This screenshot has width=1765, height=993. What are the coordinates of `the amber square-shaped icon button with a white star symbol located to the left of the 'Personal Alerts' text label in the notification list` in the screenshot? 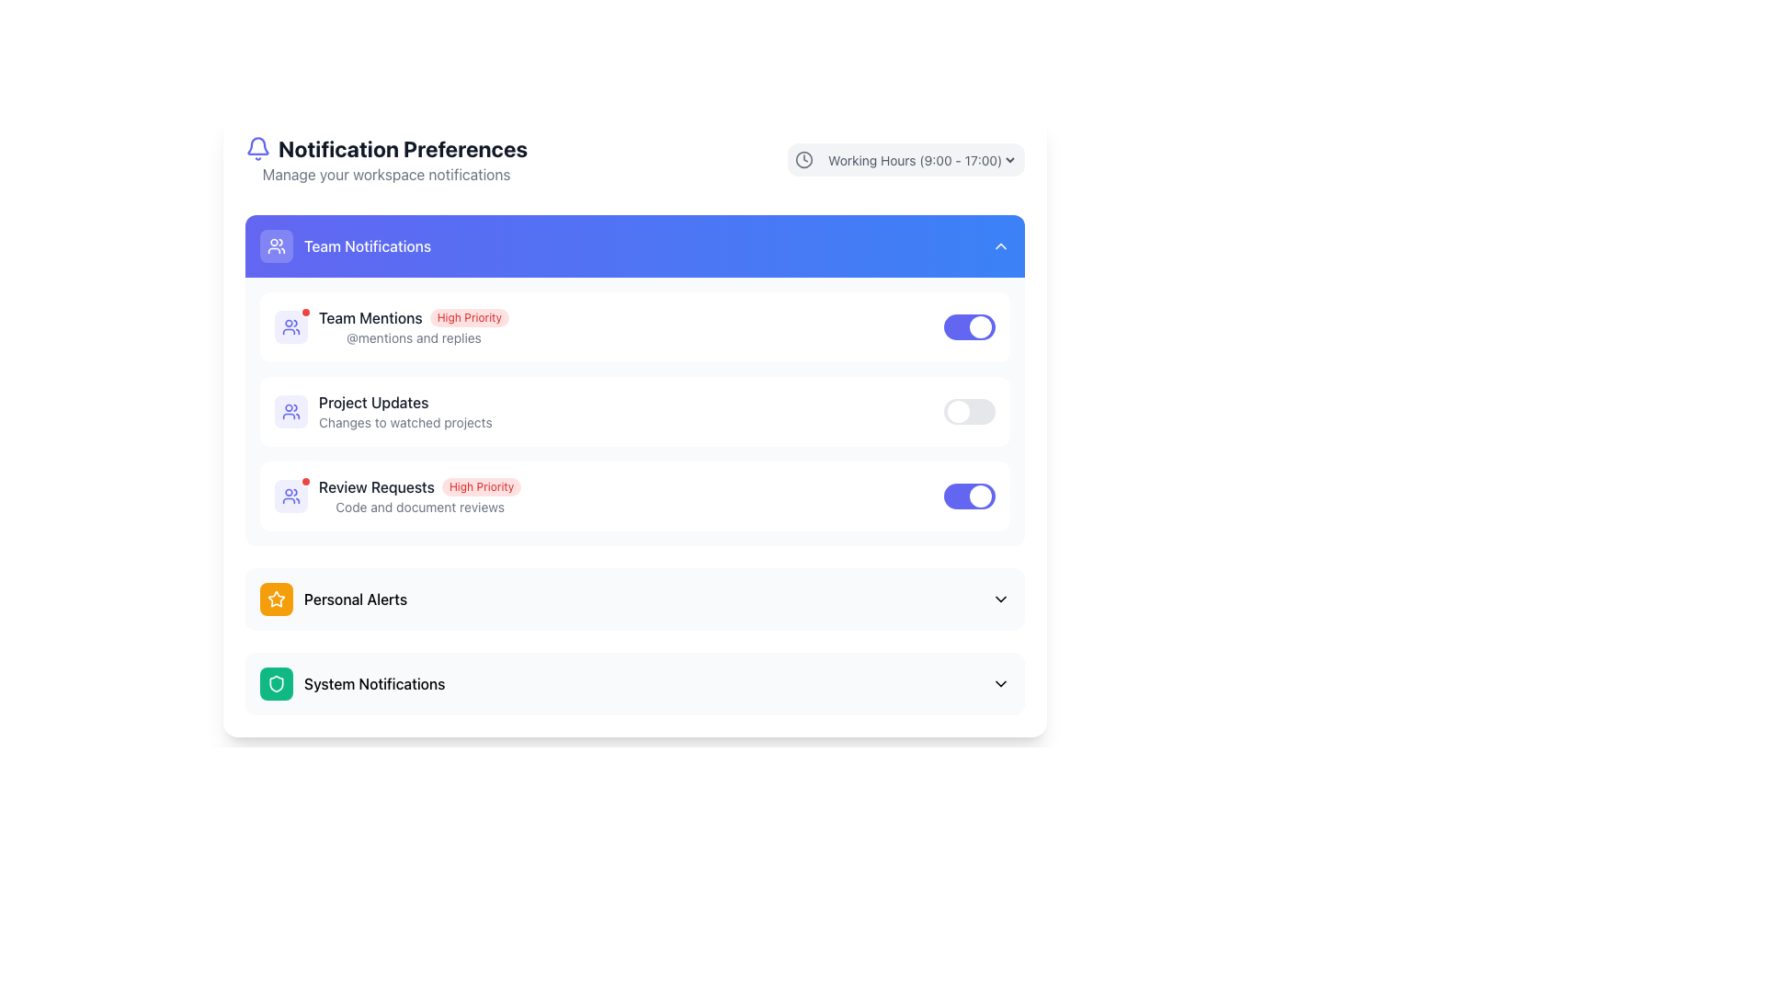 It's located at (276, 599).